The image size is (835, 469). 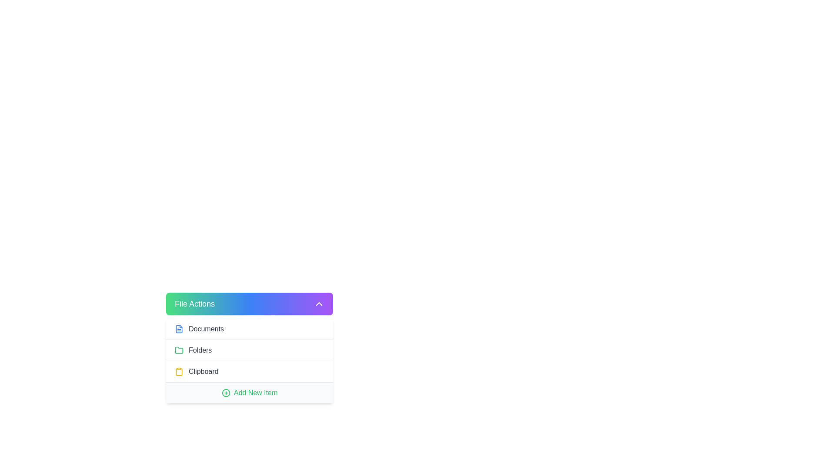 I want to click on the decorative SVG circle graphic that signifies the addition action for the 'Add New Item' button located at the bottom of the actions group, so click(x=226, y=393).